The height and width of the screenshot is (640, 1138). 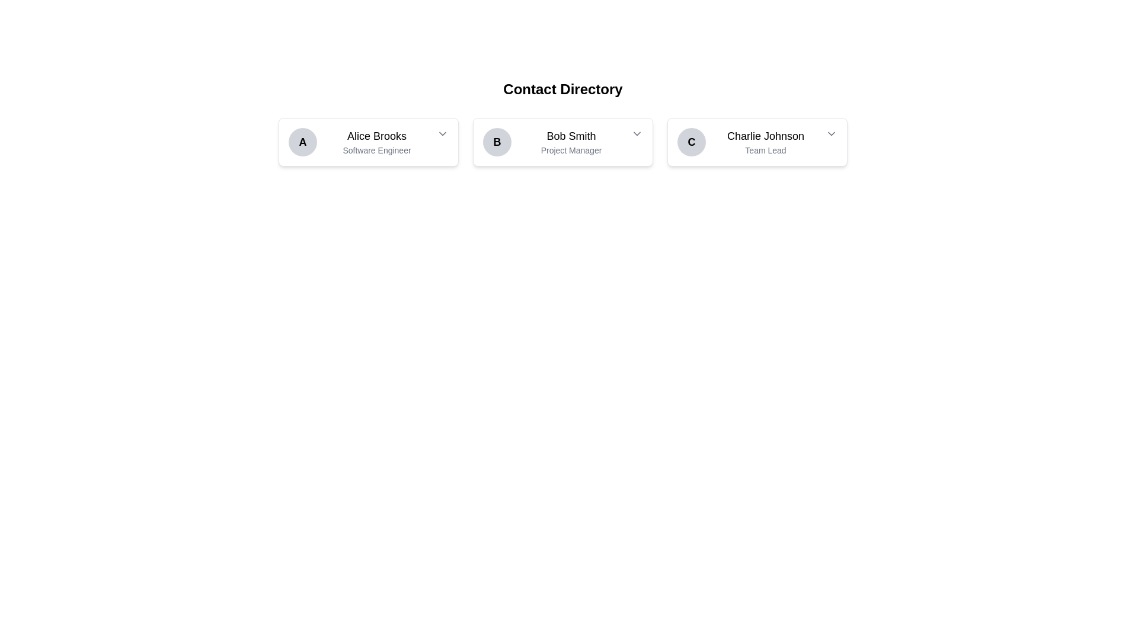 What do you see at coordinates (302, 141) in the screenshot?
I see `the circular avatar-like UI component with a gray background and a bold black letter 'A' in its center, which serves as an identifier for Alice Brooks, positioned at the left end of her card` at bounding box center [302, 141].